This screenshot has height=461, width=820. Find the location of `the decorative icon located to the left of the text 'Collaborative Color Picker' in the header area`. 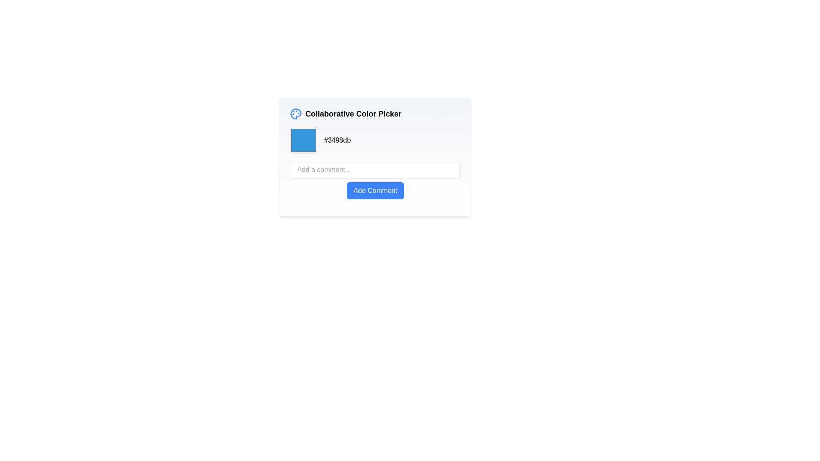

the decorative icon located to the left of the text 'Collaborative Color Picker' in the header area is located at coordinates (296, 113).